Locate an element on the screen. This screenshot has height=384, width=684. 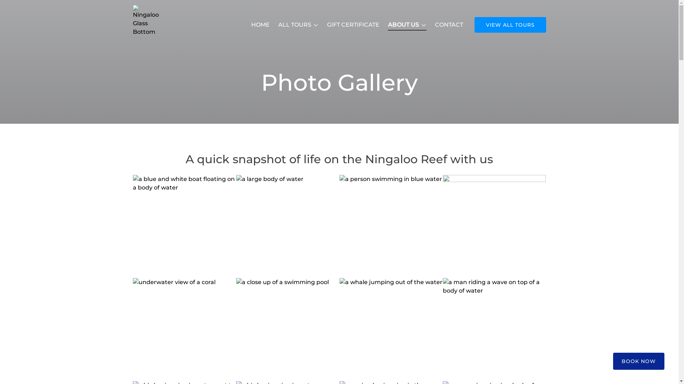
'VIEW ALL TOURS' is located at coordinates (510, 24).